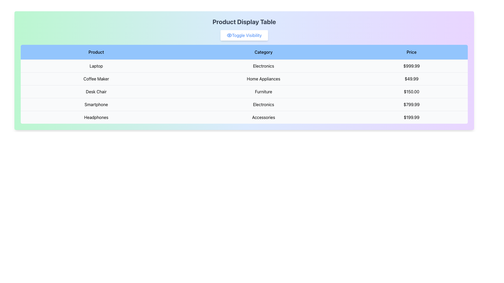 The height and width of the screenshot is (283, 504). Describe the element at coordinates (244, 35) in the screenshot. I see `the button positioned below the header 'Product Display Table' to observe the hover effects` at that location.